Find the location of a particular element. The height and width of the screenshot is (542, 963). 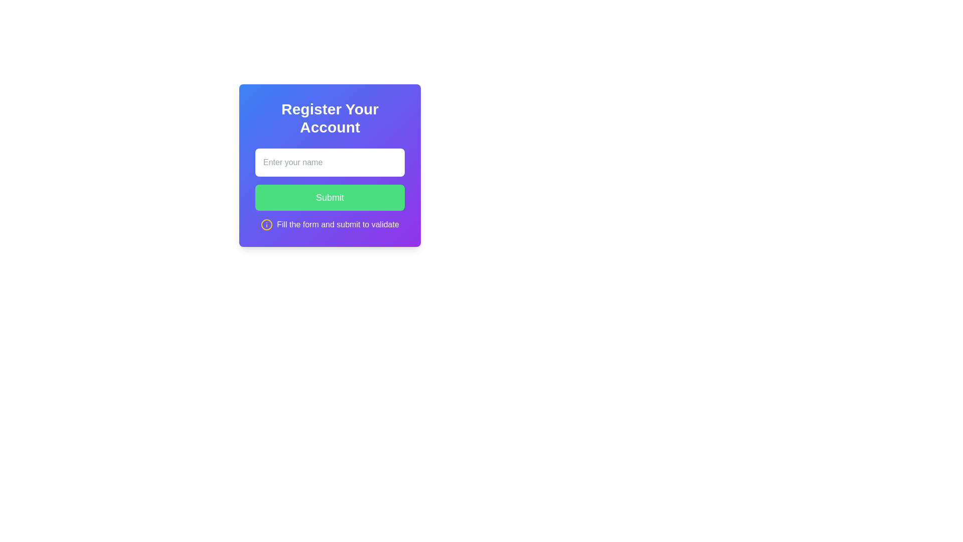

the submission button located centrally below the 'Register Your Account' heading is located at coordinates (330, 190).